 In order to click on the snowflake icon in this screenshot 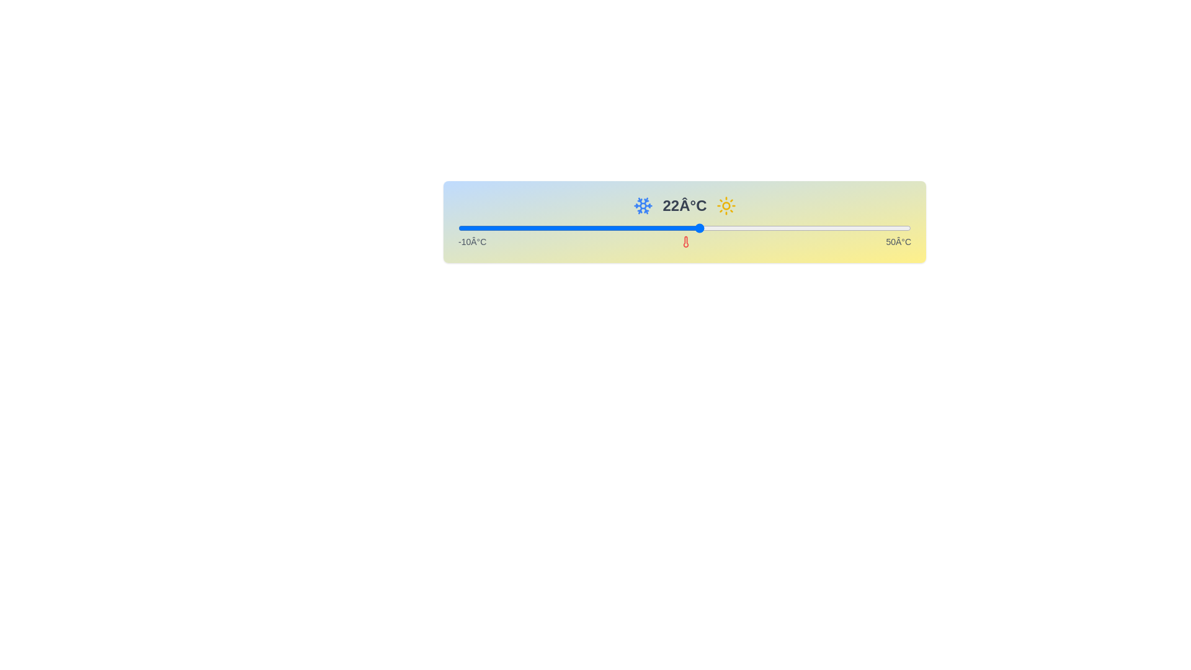, I will do `click(643, 205)`.